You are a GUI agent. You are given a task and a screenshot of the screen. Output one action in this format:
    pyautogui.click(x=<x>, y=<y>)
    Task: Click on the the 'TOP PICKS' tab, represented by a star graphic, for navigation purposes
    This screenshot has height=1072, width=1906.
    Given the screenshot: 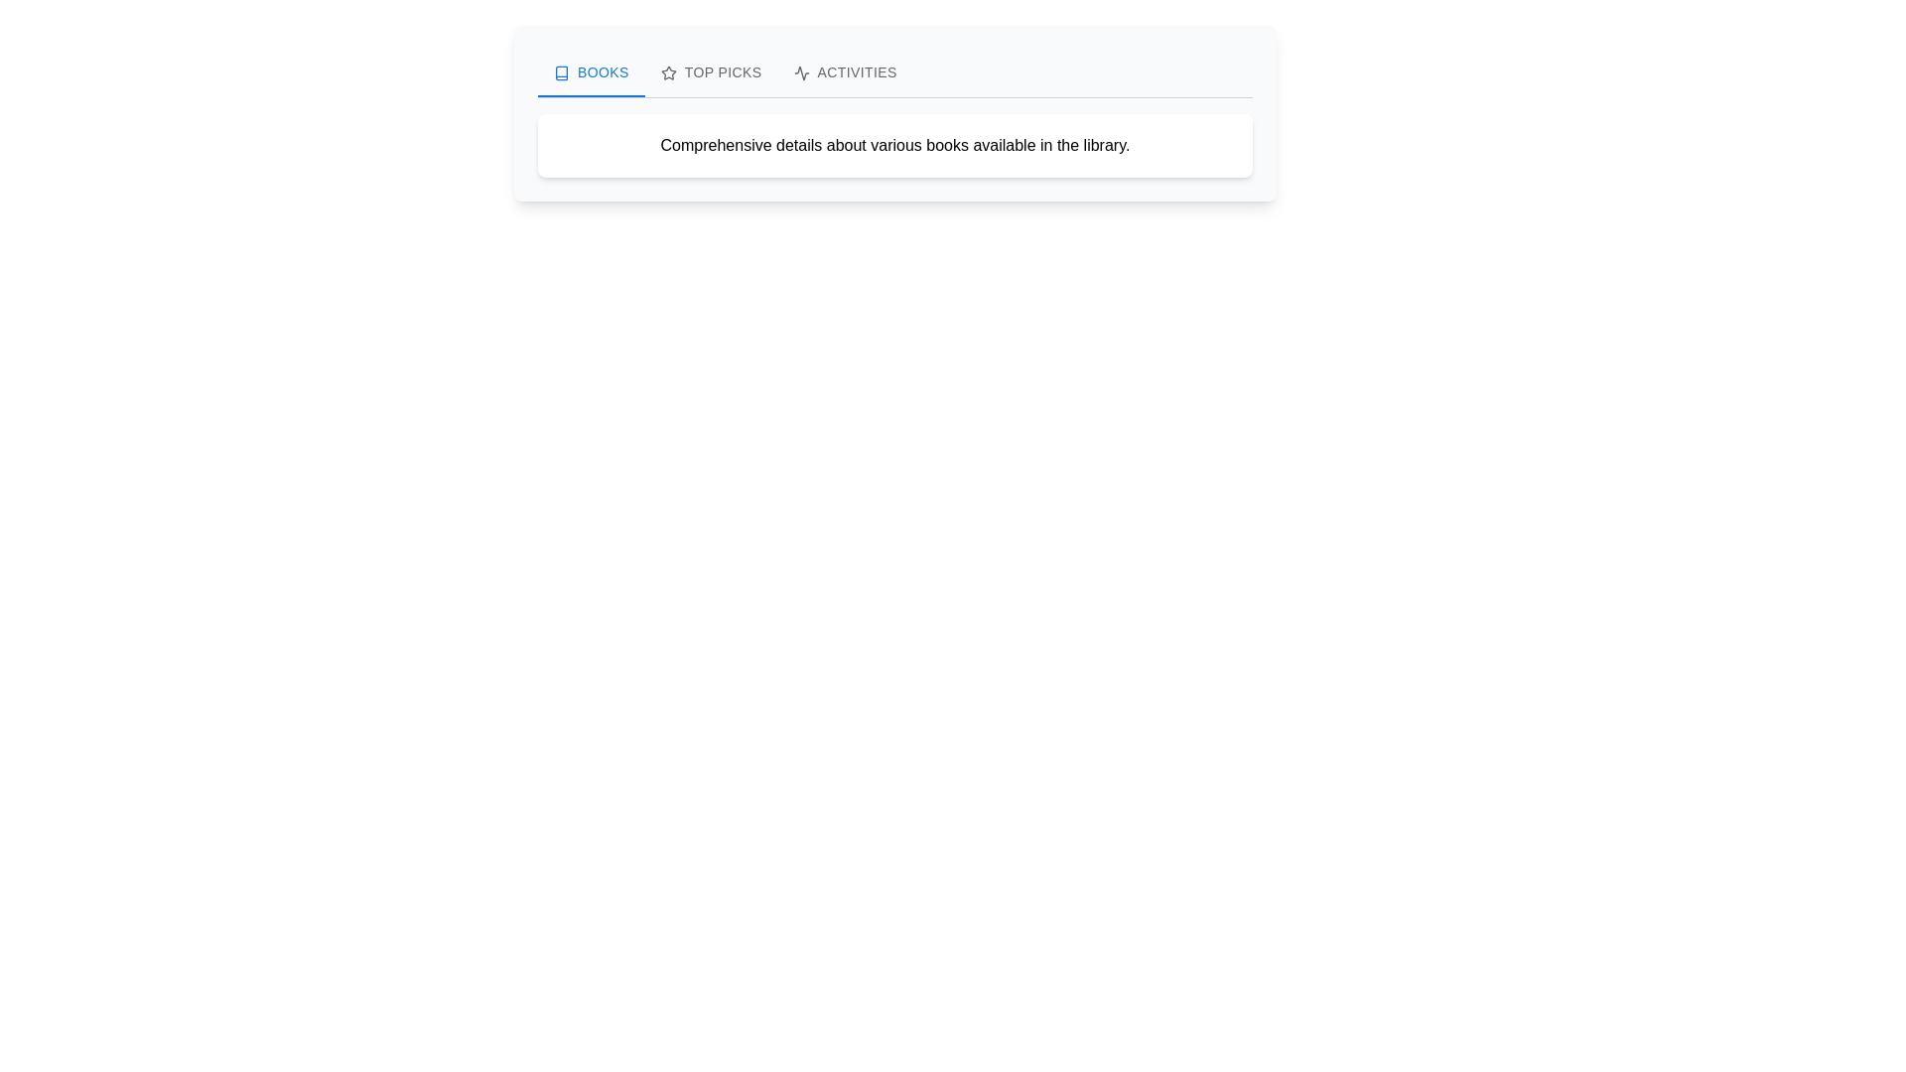 What is the action you would take?
    pyautogui.click(x=668, y=71)
    